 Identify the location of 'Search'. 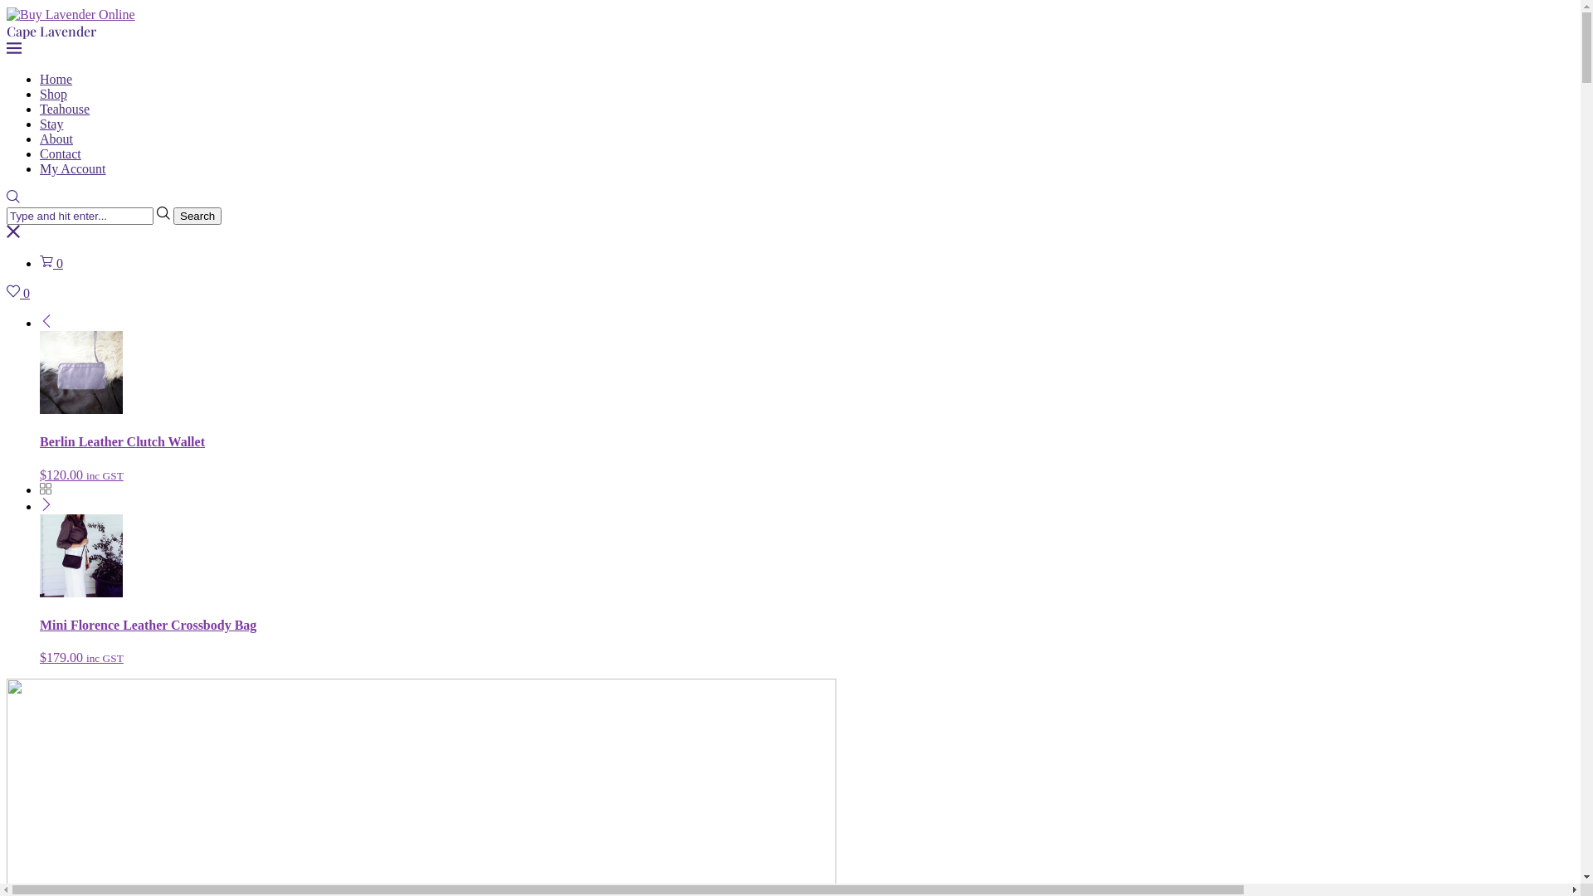
(197, 215).